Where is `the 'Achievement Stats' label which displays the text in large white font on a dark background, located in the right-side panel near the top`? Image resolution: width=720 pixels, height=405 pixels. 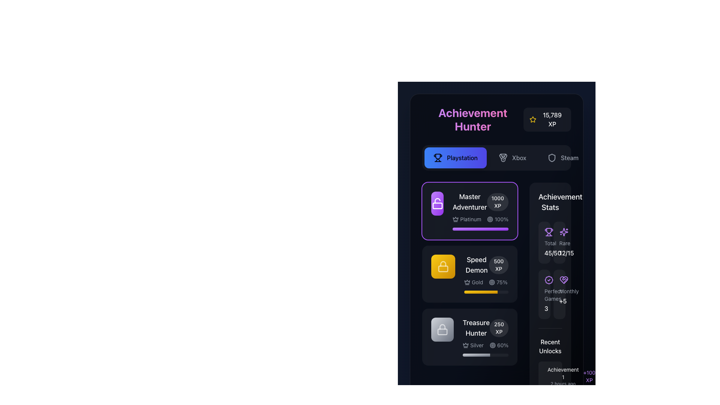
the 'Achievement Stats' label which displays the text in large white font on a dark background, located in the right-side panel near the top is located at coordinates (550, 202).